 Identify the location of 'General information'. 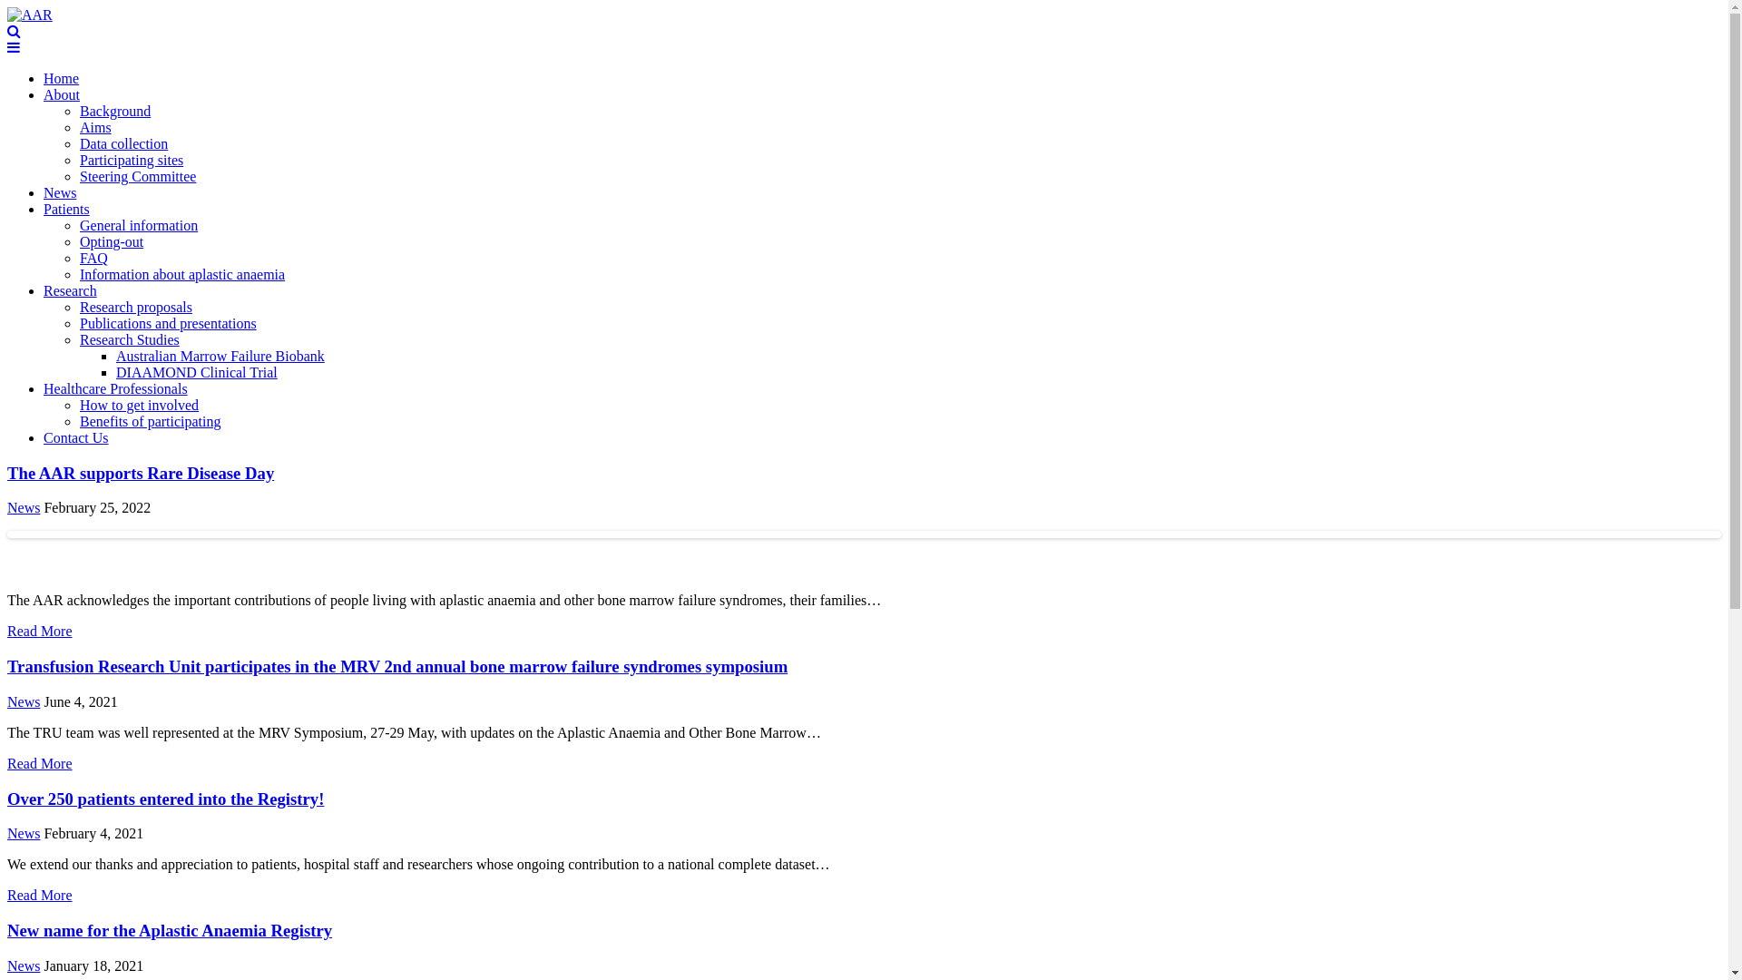
(78, 224).